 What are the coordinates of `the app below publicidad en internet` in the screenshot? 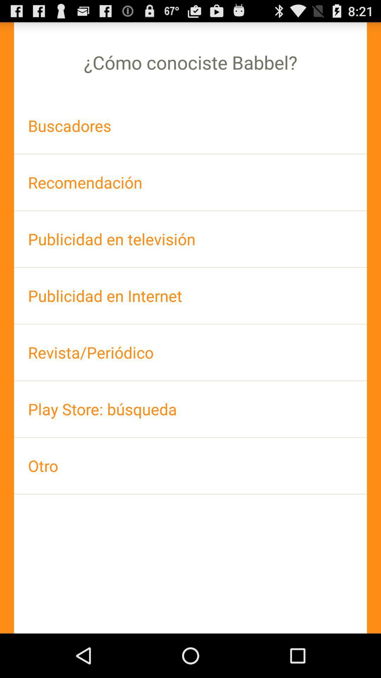 It's located at (190, 352).